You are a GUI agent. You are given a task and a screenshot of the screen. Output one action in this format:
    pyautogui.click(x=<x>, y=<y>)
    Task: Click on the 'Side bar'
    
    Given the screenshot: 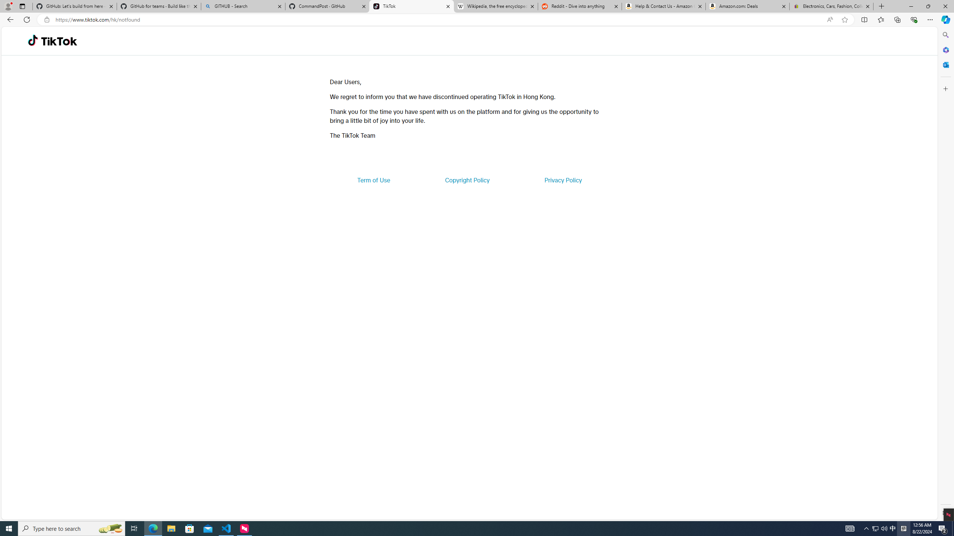 What is the action you would take?
    pyautogui.click(x=945, y=274)
    